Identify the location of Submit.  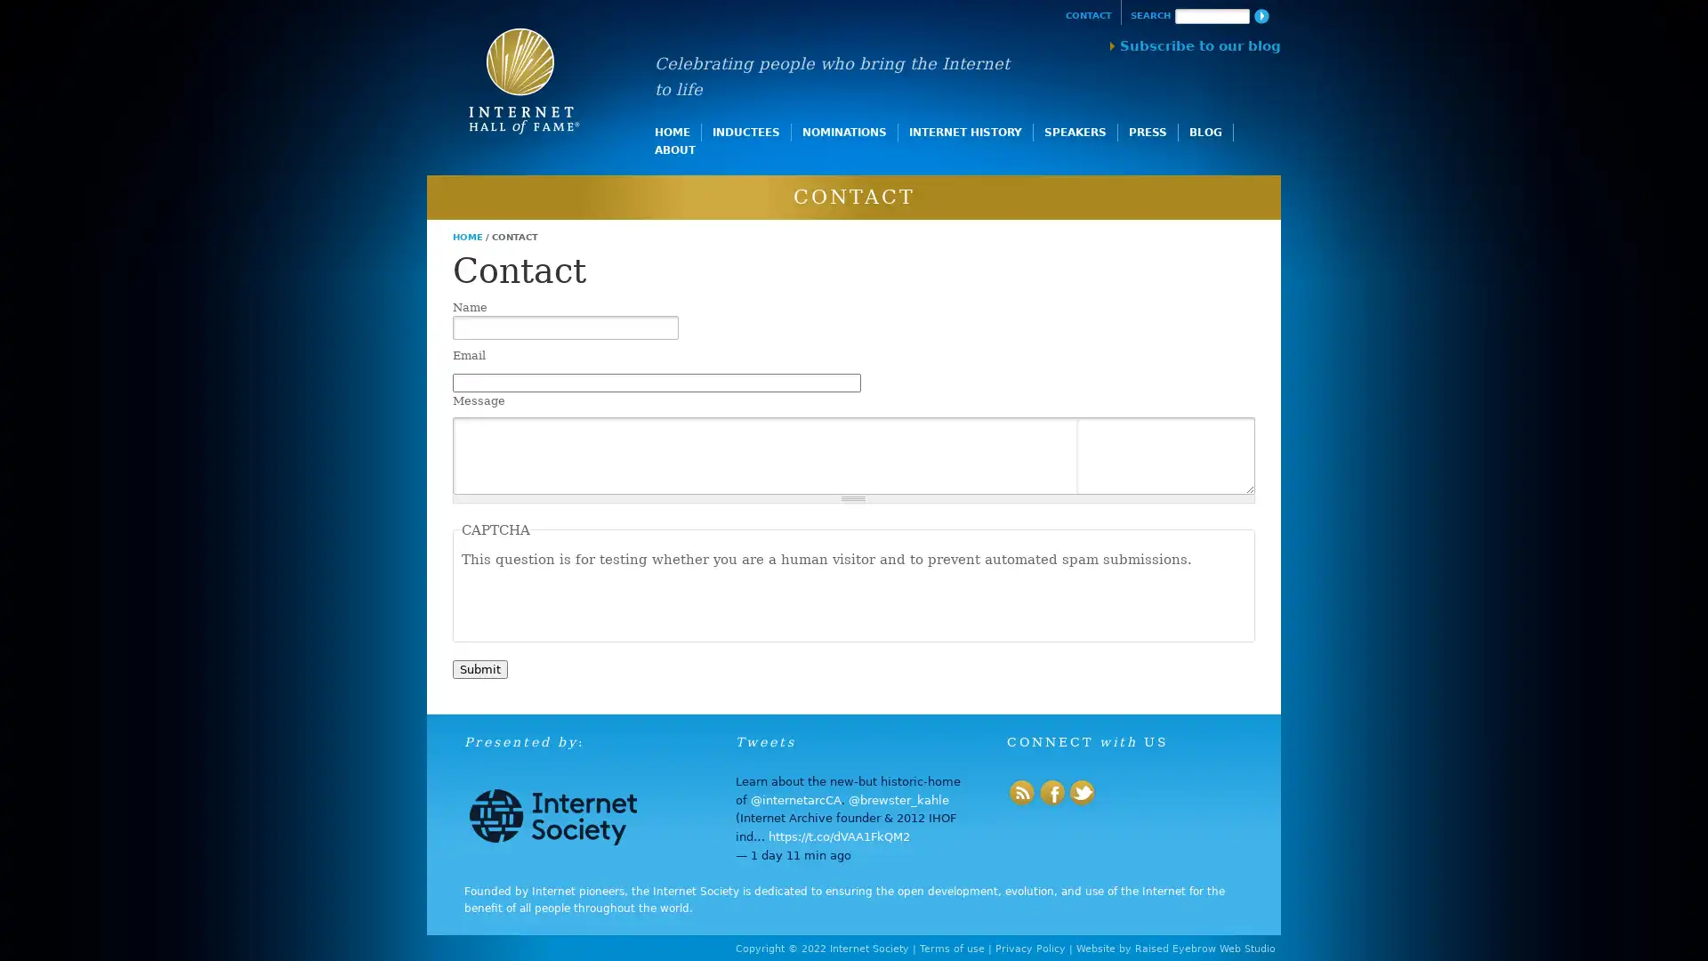
(479, 668).